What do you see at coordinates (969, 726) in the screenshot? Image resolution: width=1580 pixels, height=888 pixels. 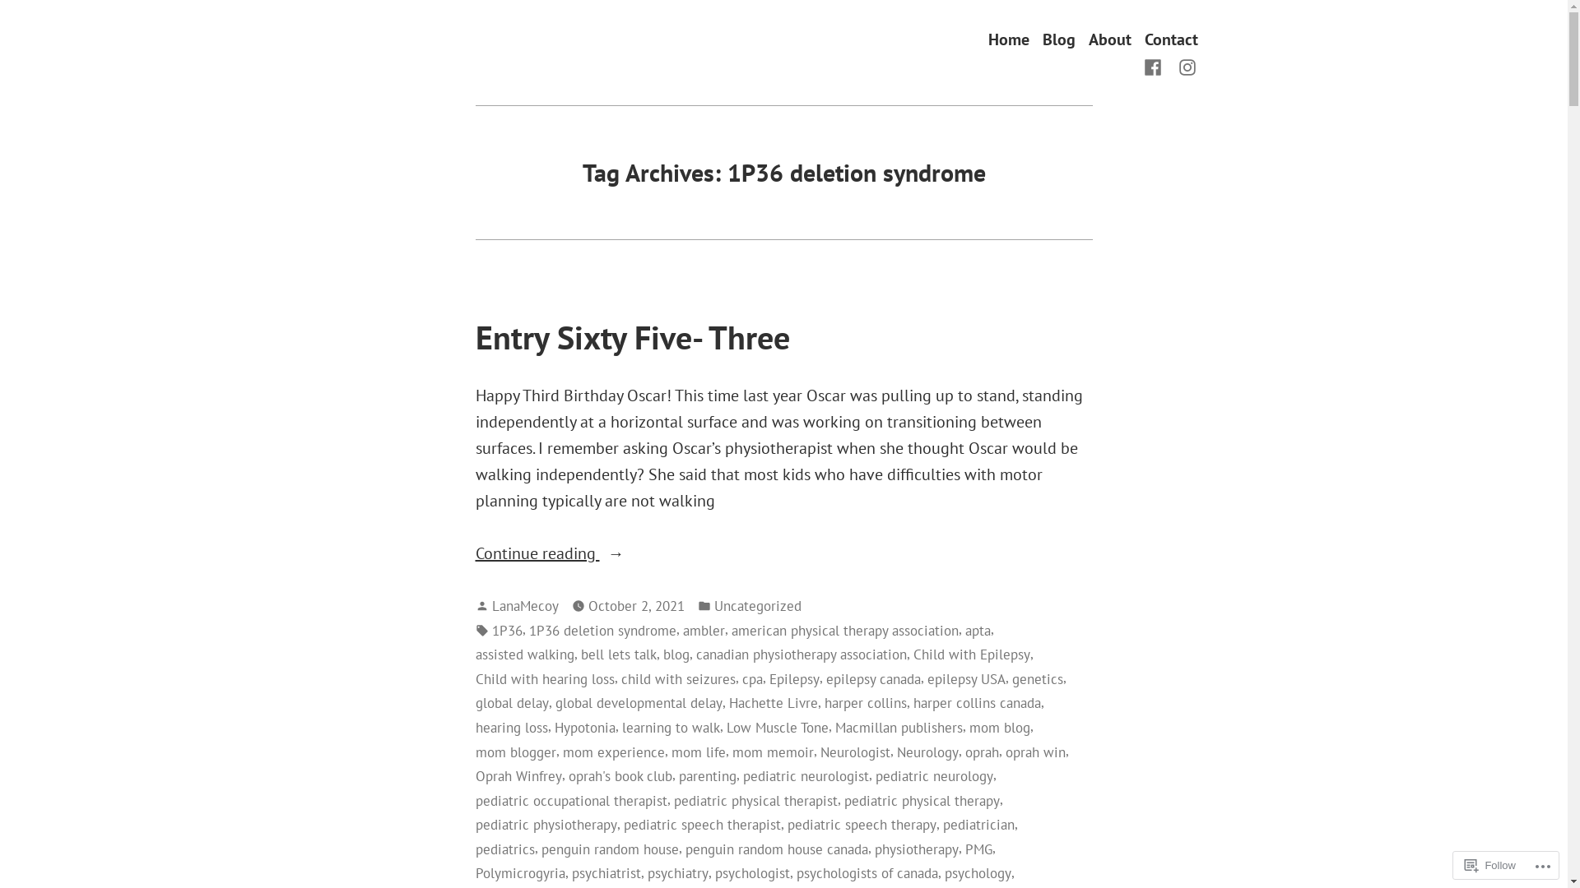 I see `'mom blog'` at bounding box center [969, 726].